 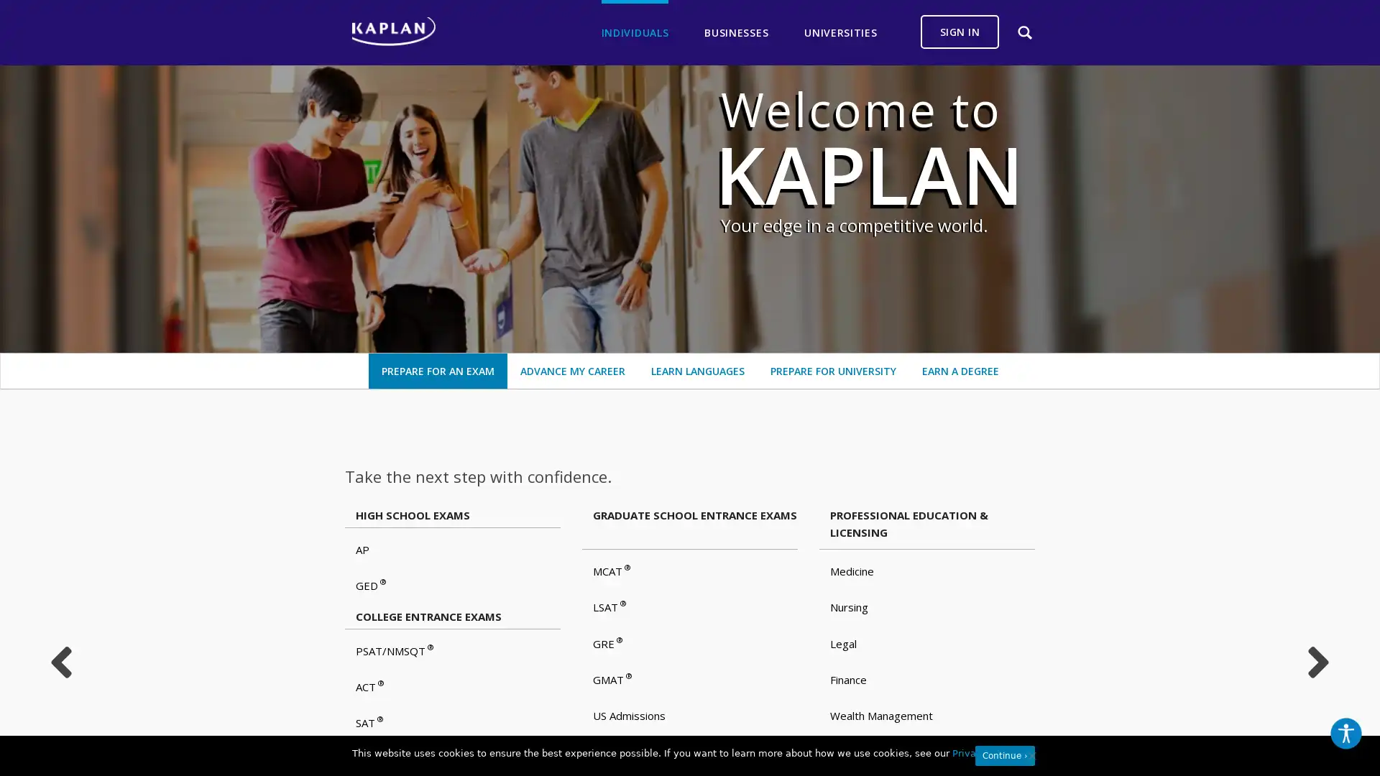 What do you see at coordinates (1345, 734) in the screenshot?
I see `Accessibility Helper sidebar` at bounding box center [1345, 734].